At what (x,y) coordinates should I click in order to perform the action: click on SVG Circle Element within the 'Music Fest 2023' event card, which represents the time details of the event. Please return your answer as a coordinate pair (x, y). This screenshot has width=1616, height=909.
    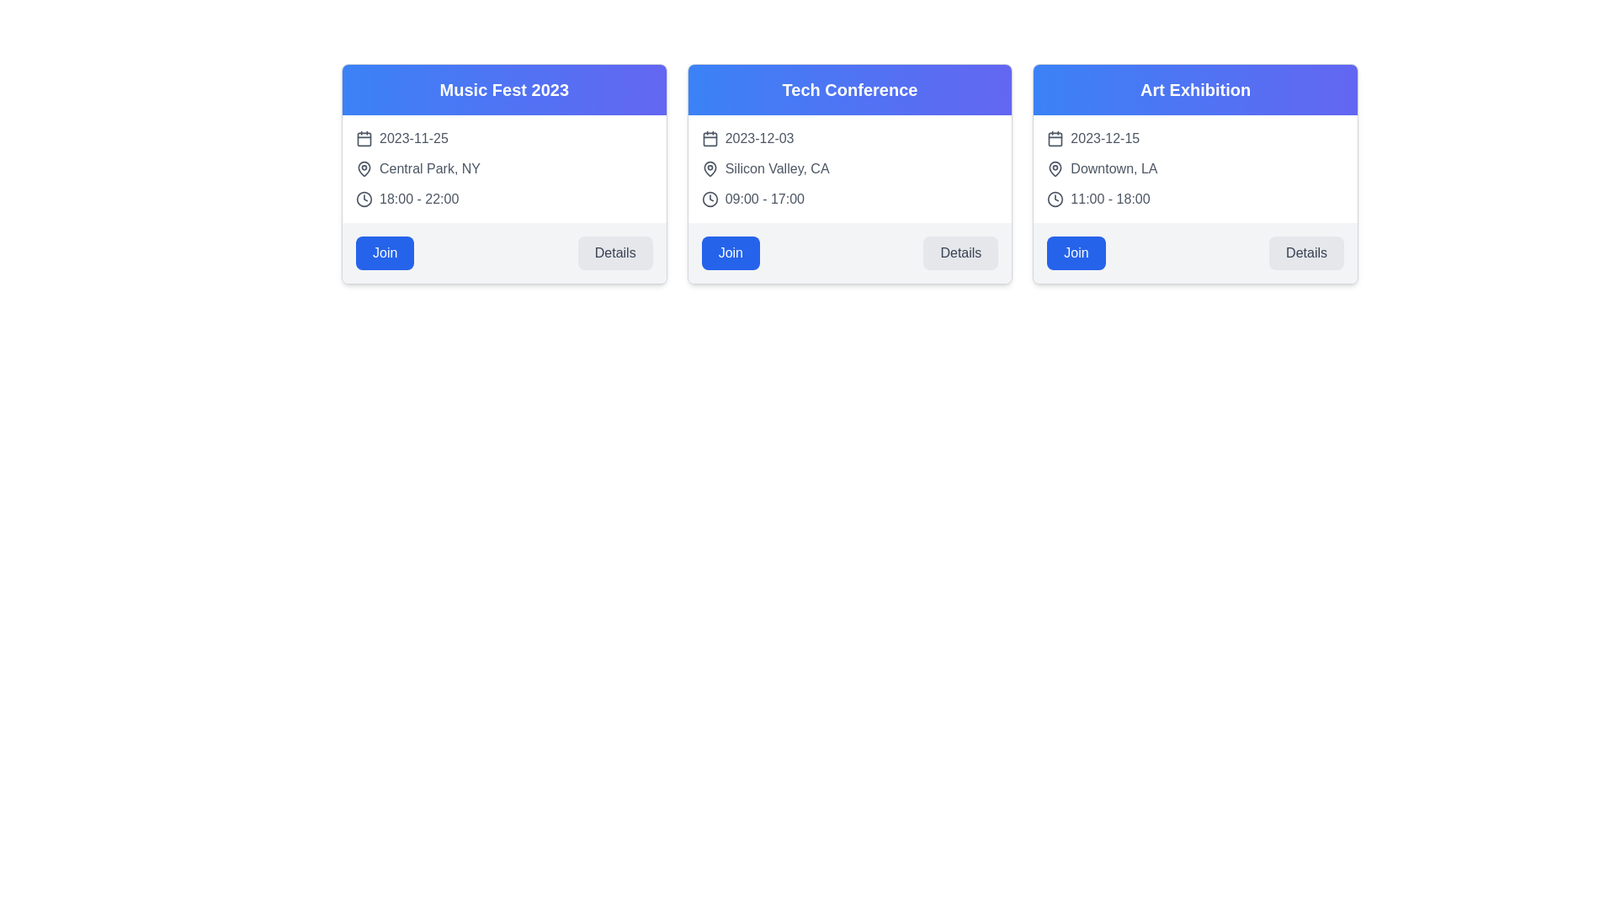
    Looking at the image, I should click on (363, 198).